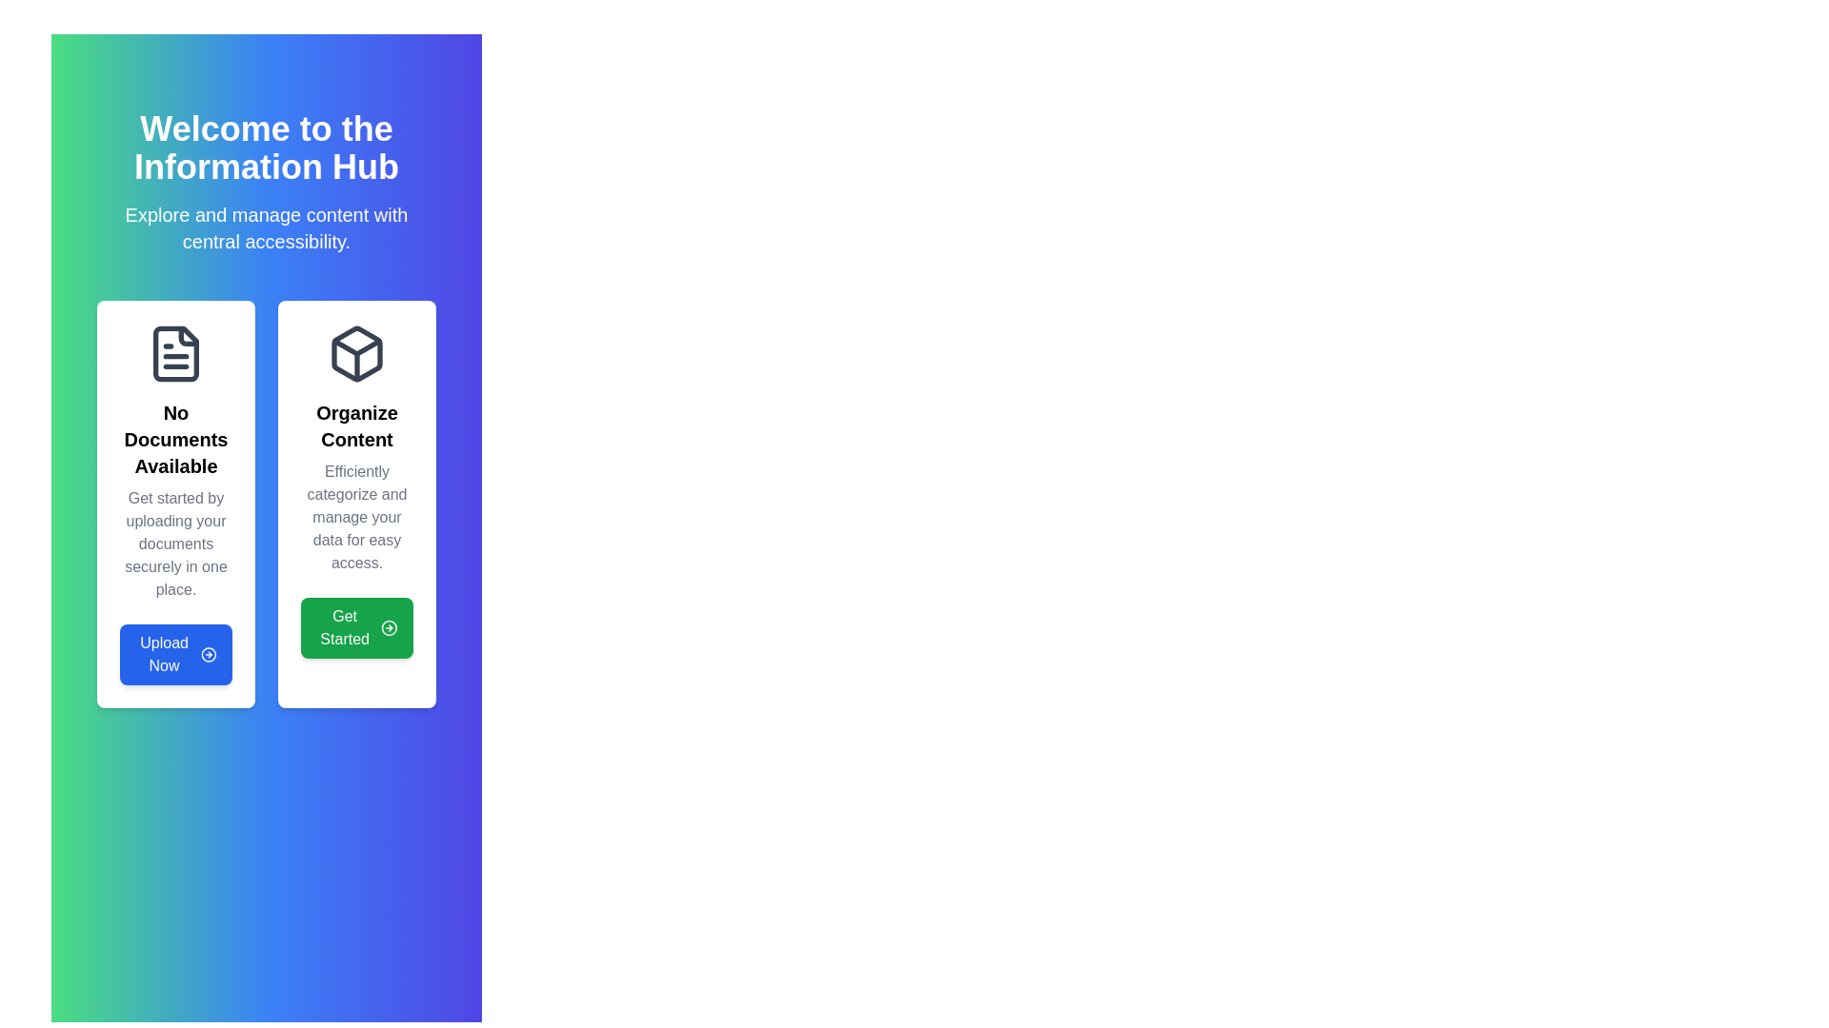 The width and height of the screenshot is (1829, 1028). What do you see at coordinates (356, 347) in the screenshot?
I see `the triangular icon resembling an inverted chevron located in the center of the second card labeled 'Organize Content'` at bounding box center [356, 347].